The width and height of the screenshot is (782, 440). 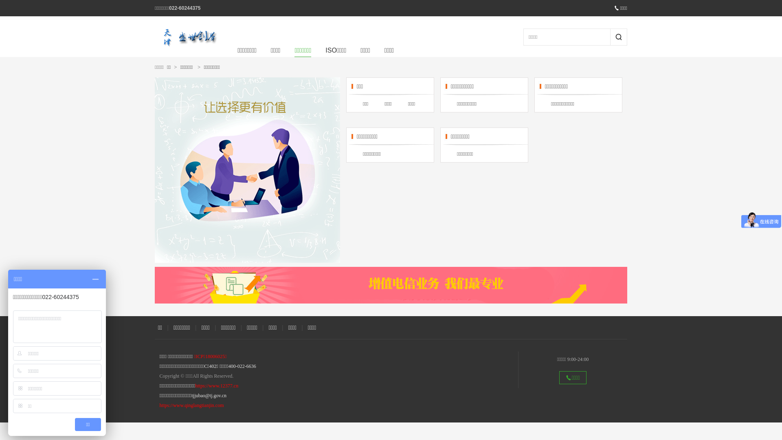 What do you see at coordinates (191, 405) in the screenshot?
I see `'https://www.qinglangtianjin.com'` at bounding box center [191, 405].